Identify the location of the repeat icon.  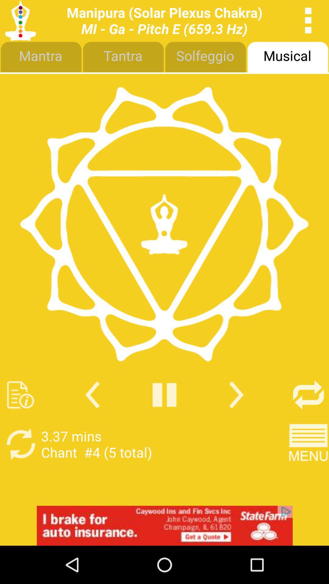
(308, 422).